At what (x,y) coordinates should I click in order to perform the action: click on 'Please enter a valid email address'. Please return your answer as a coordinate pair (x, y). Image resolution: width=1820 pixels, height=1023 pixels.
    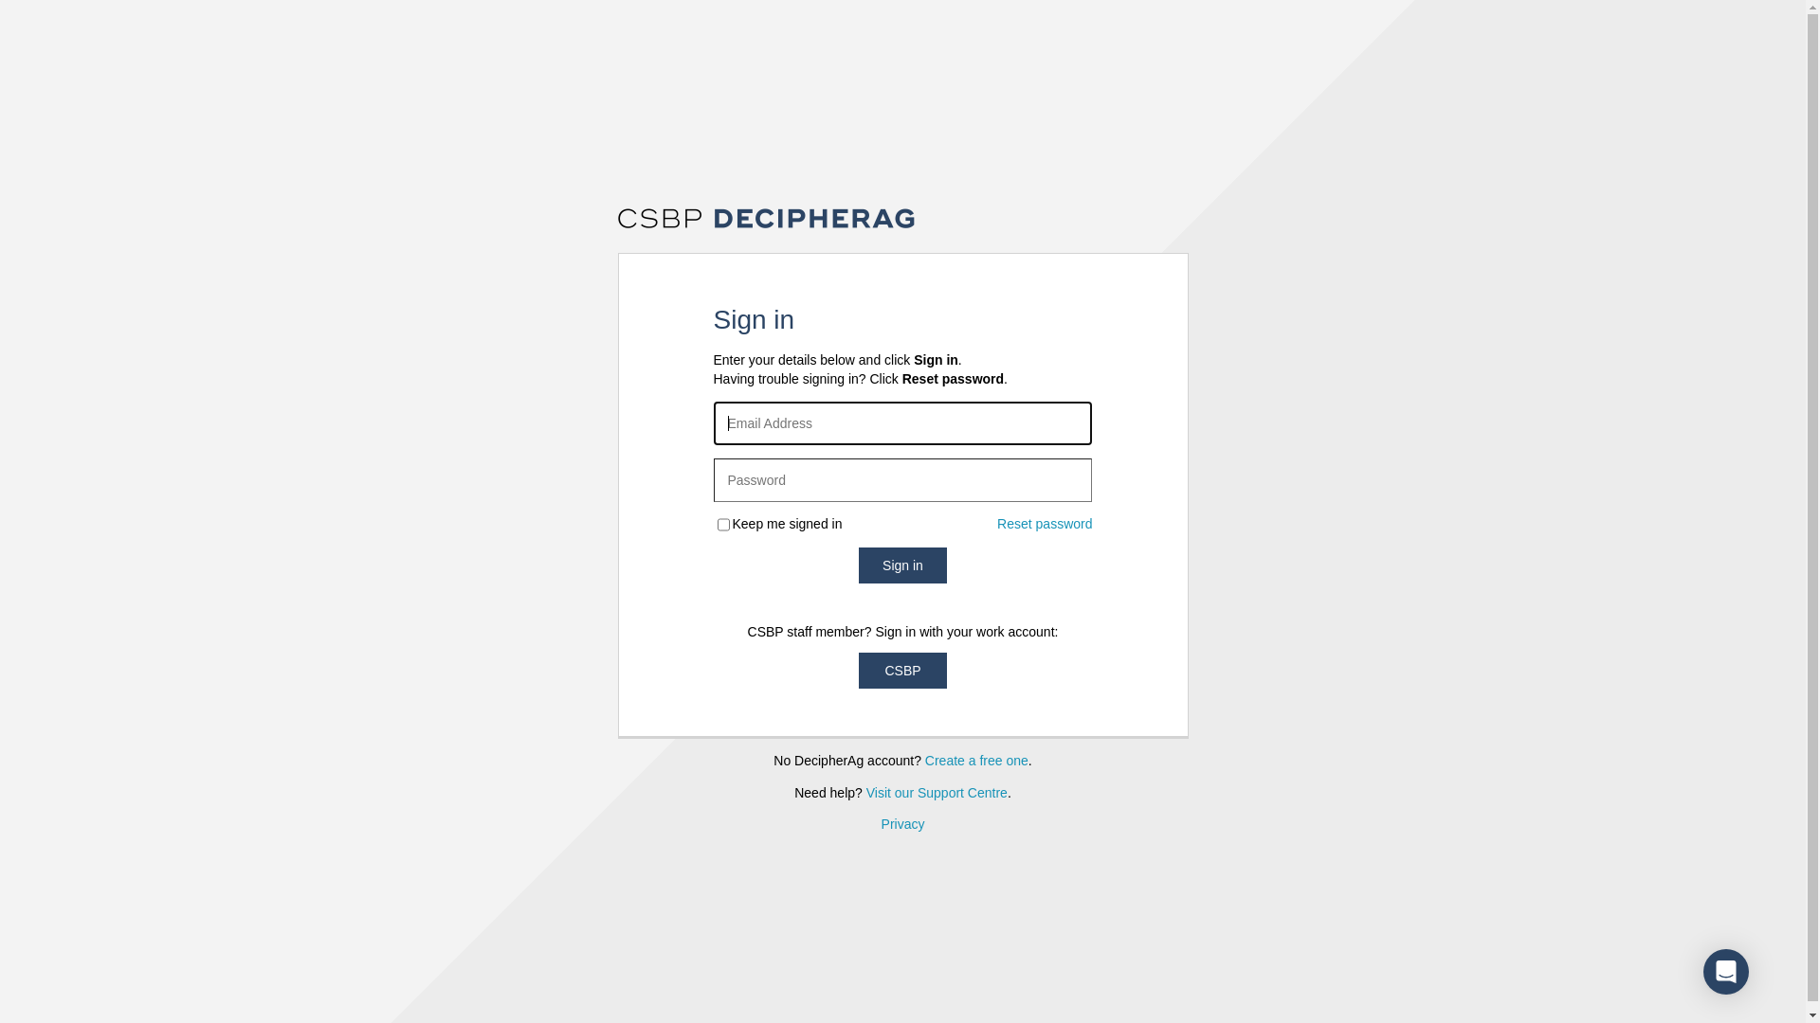
    Looking at the image, I should click on (901, 422).